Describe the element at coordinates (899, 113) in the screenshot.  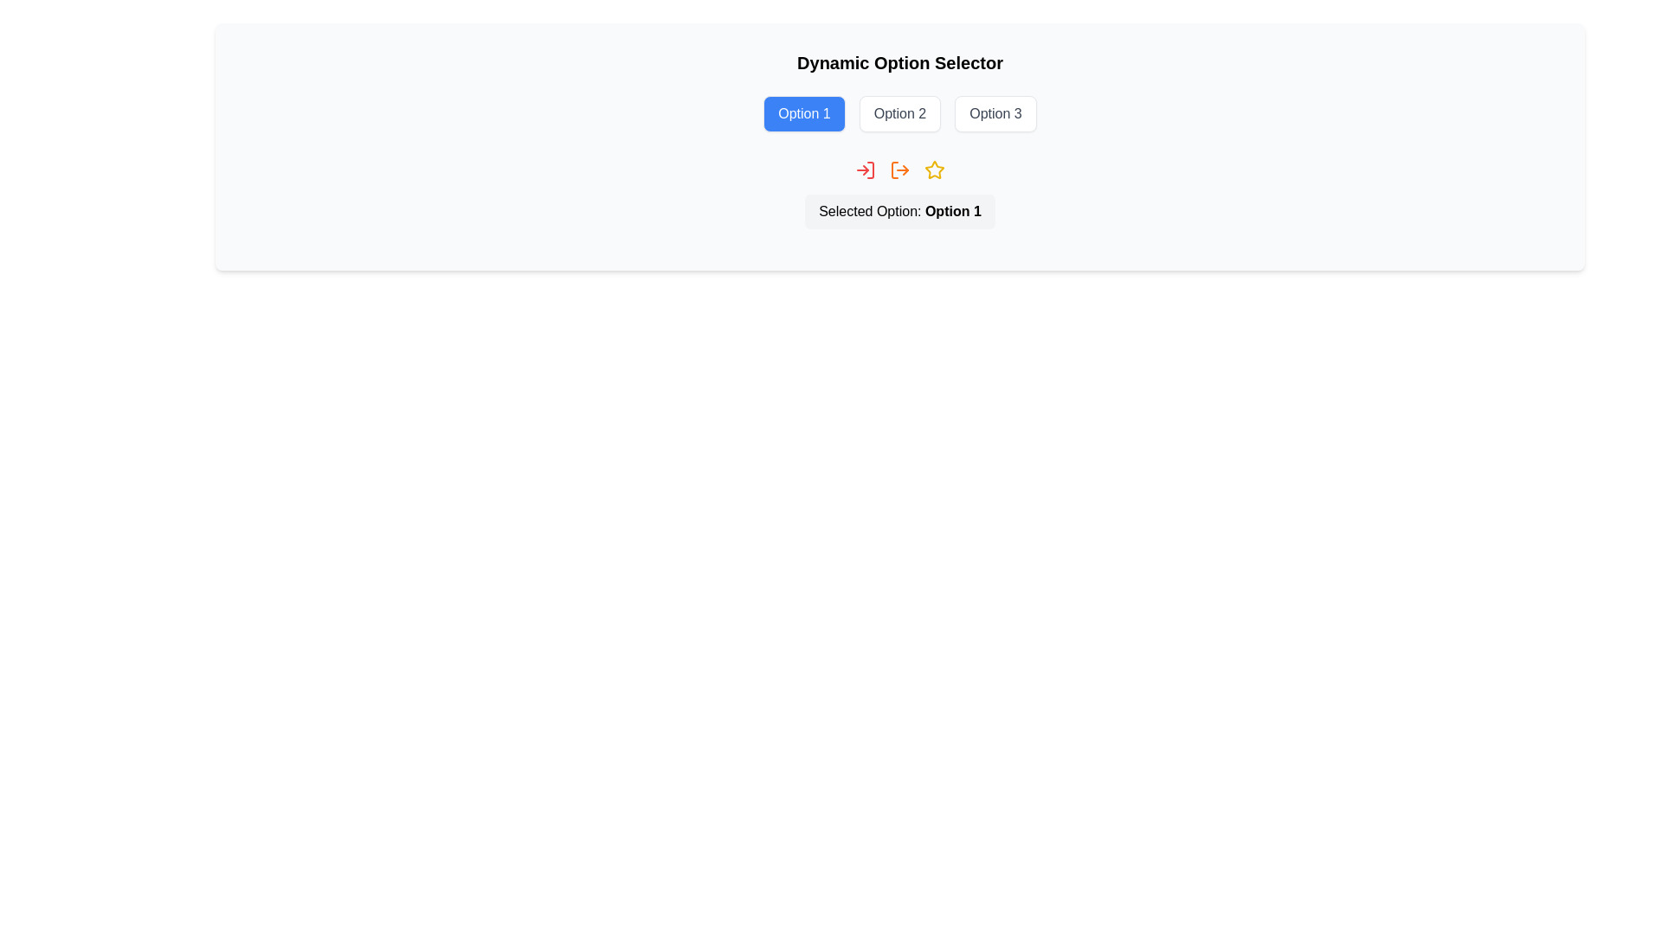
I see `the button in the button group located below the title 'Dynamic Option Selector'` at that location.